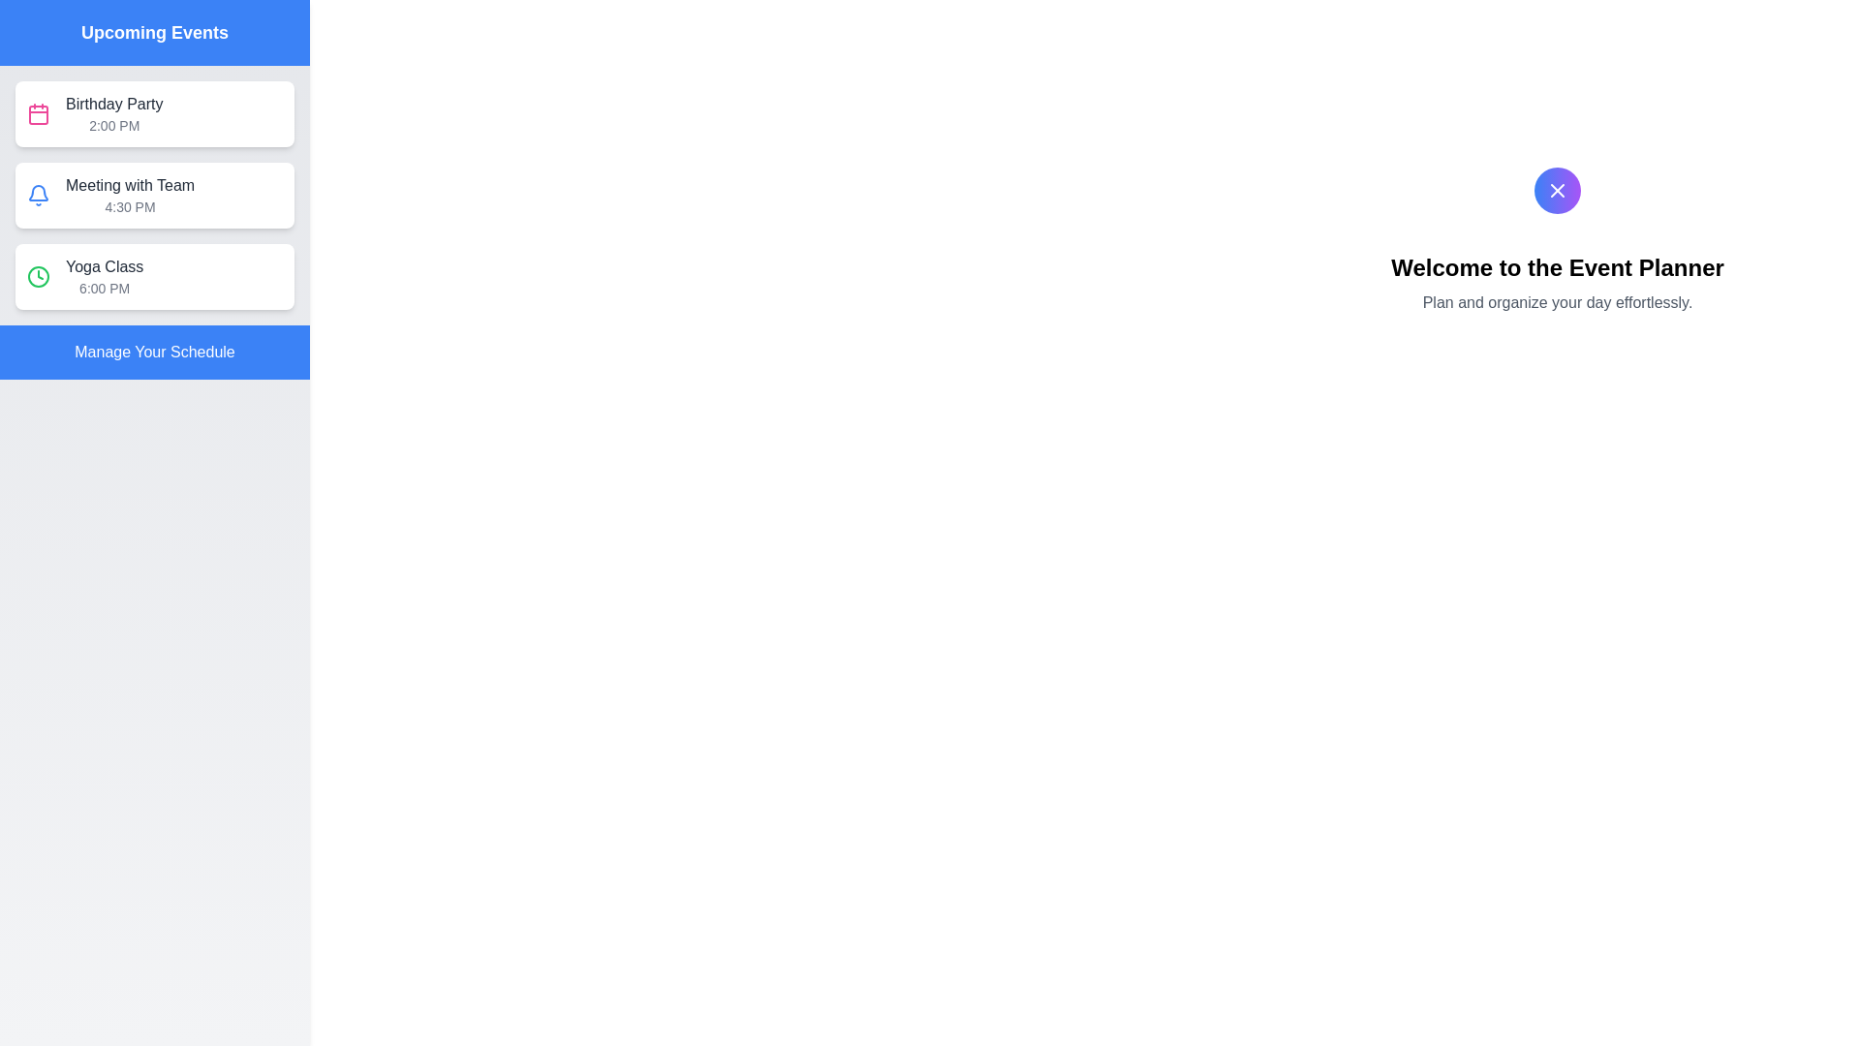  Describe the element at coordinates (113, 114) in the screenshot. I see `text content of the 'Birthday Party' label, which features a bold font style and includes a smaller text '2:00 PM' beneath it, located below the 'Upcoming Events' header` at that location.